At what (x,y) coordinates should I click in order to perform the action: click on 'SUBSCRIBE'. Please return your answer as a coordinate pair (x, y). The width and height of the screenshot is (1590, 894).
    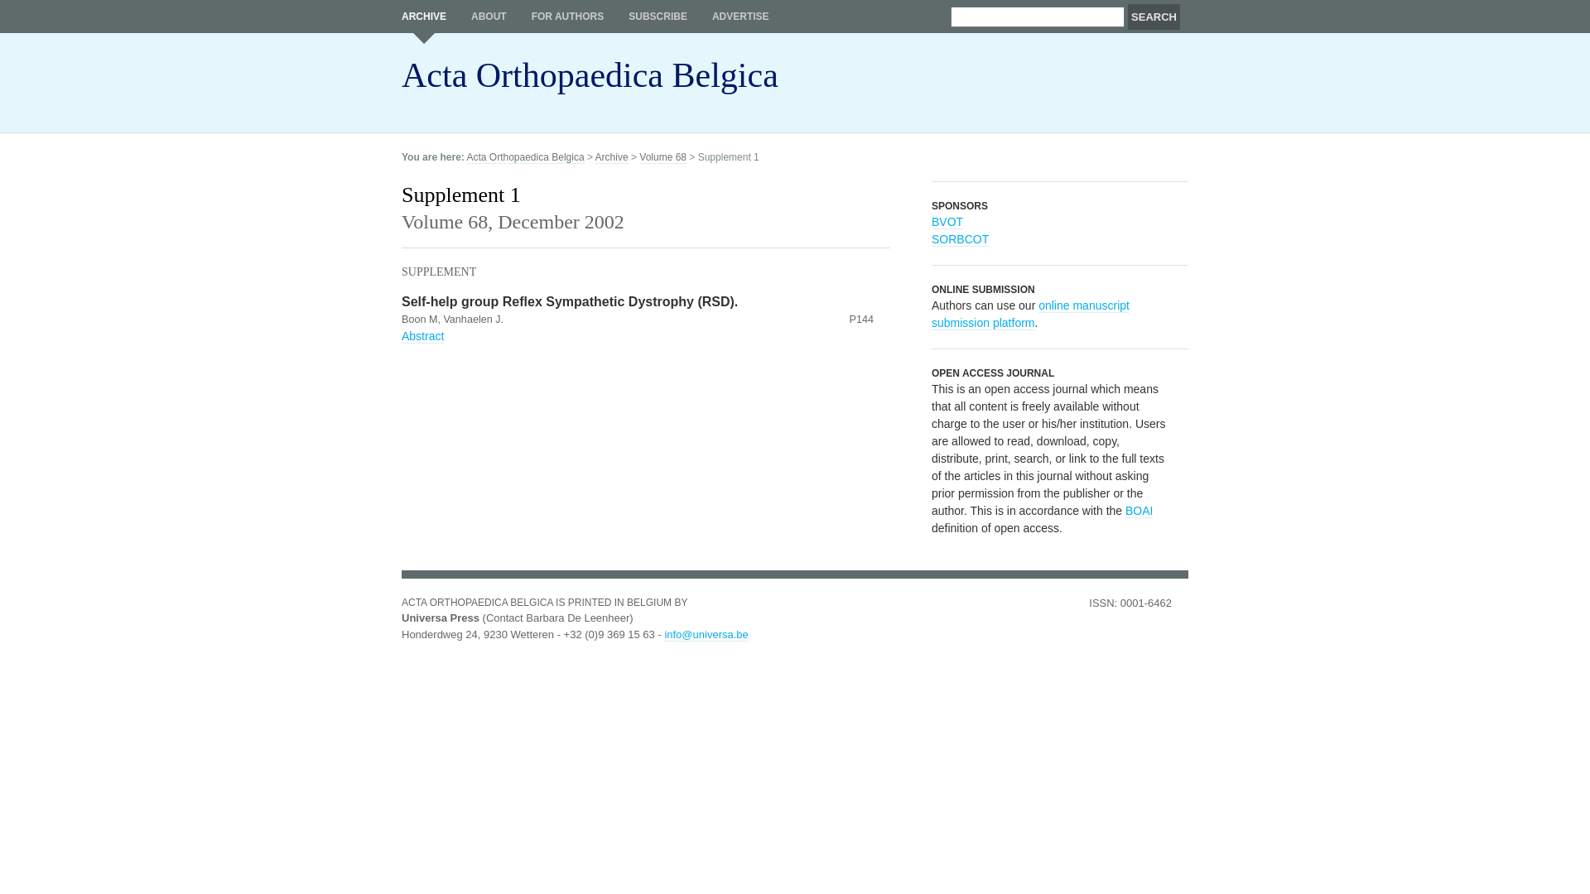
    Looking at the image, I should click on (657, 16).